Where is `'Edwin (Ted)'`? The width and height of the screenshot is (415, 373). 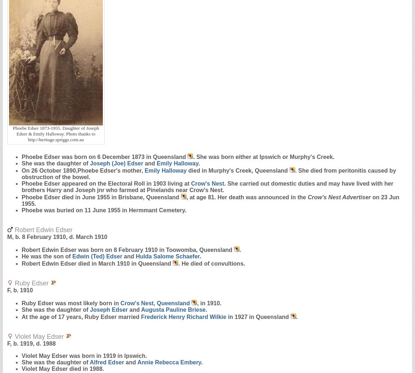 'Edwin (Ted)' is located at coordinates (89, 256).